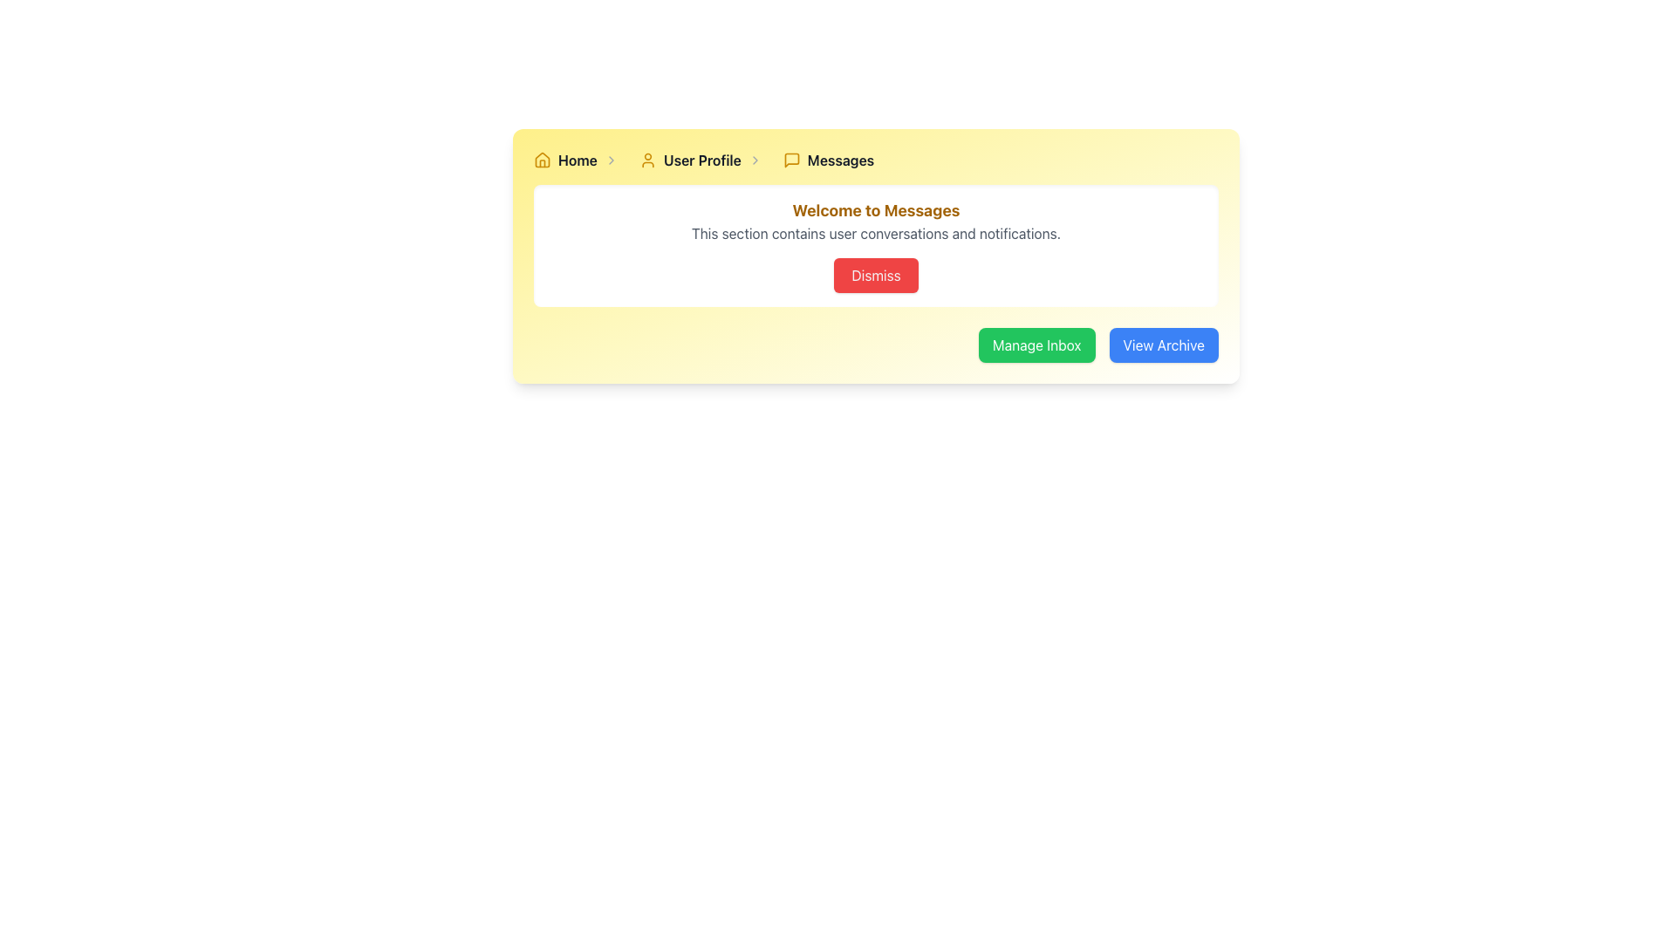 The width and height of the screenshot is (1675, 942). Describe the element at coordinates (828, 160) in the screenshot. I see `the 'Messages' hyperlink in the breadcrumb navigation bar` at that location.